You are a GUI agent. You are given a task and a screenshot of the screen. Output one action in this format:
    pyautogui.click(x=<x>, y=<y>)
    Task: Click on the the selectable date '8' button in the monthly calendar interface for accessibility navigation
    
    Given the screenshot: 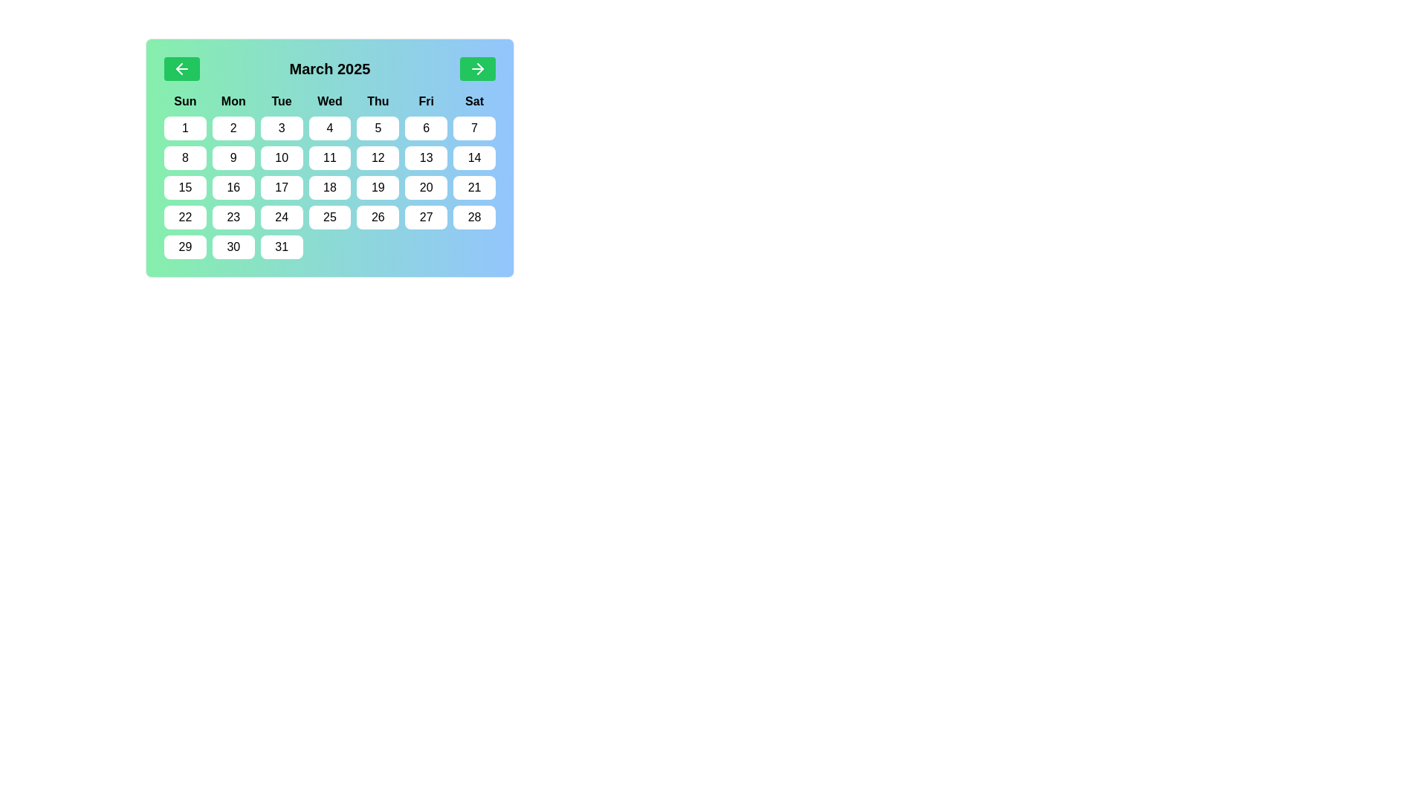 What is the action you would take?
    pyautogui.click(x=184, y=157)
    